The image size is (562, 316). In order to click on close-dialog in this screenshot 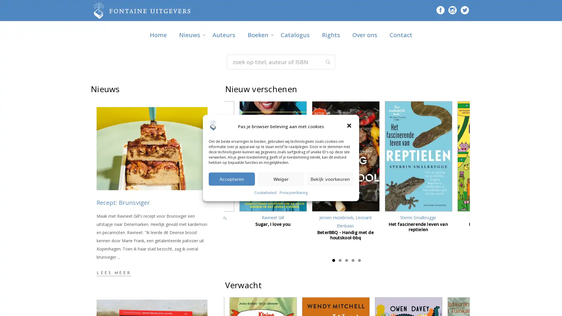, I will do `click(350, 126)`.